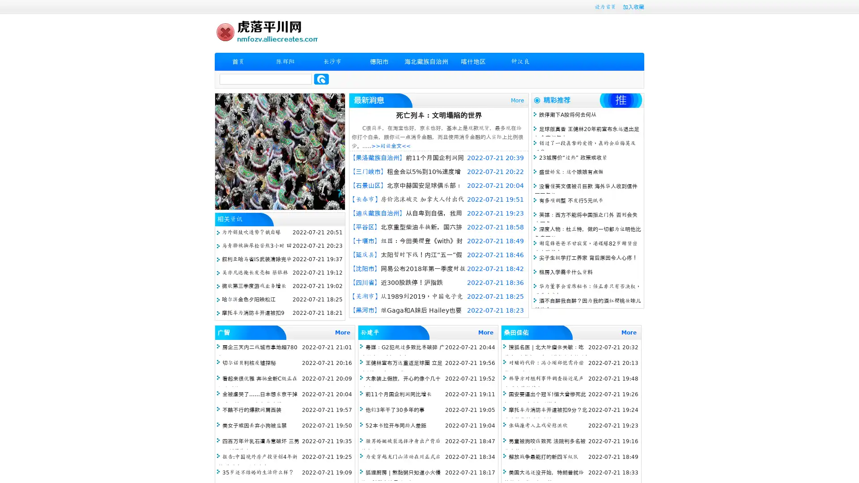 Image resolution: width=859 pixels, height=483 pixels. What do you see at coordinates (321, 79) in the screenshot?
I see `Search` at bounding box center [321, 79].